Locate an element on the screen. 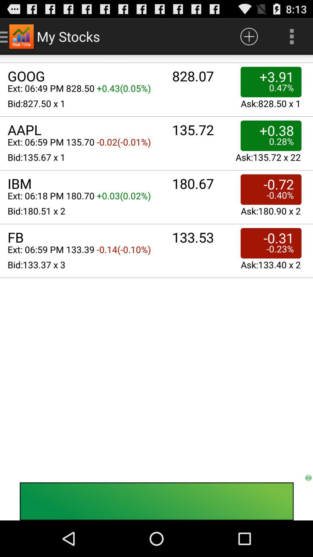 The width and height of the screenshot is (313, 557). the app above +3.91 is located at coordinates (292, 36).